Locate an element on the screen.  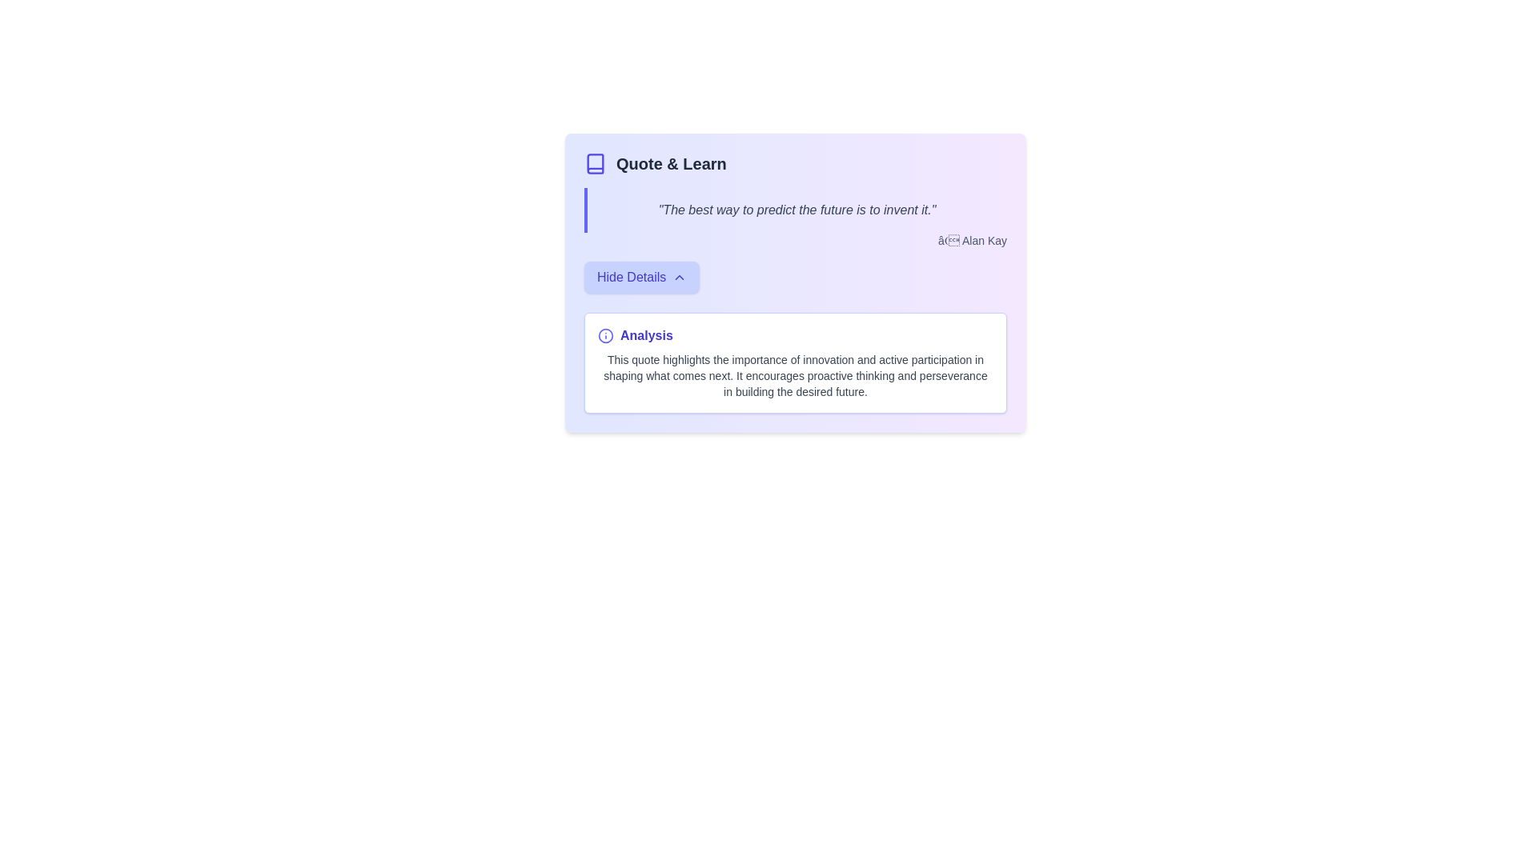
the upwards-facing chevron icon, which is a thin outline with rounded edges, located to the right of the 'Hide Details' text within the button is located at coordinates (680, 277).